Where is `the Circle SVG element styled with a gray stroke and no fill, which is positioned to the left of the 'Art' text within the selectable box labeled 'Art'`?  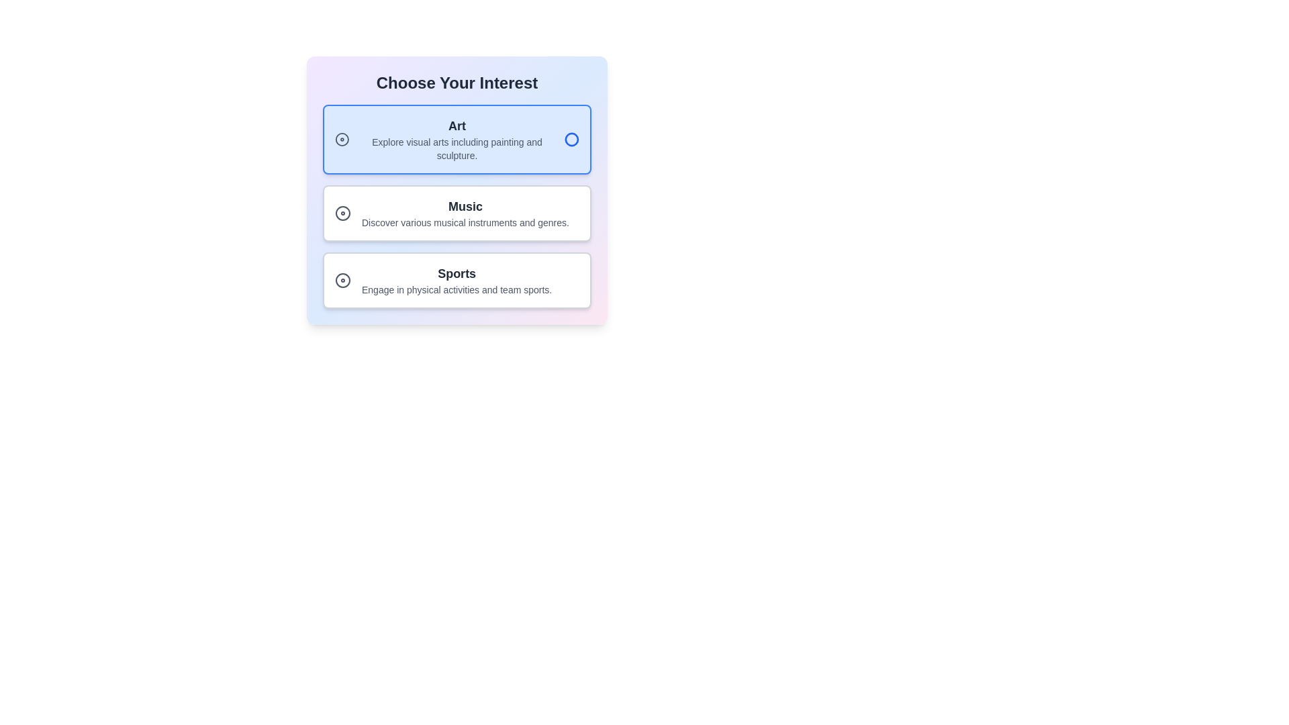
the Circle SVG element styled with a gray stroke and no fill, which is positioned to the left of the 'Art' text within the selectable box labeled 'Art' is located at coordinates (342, 140).